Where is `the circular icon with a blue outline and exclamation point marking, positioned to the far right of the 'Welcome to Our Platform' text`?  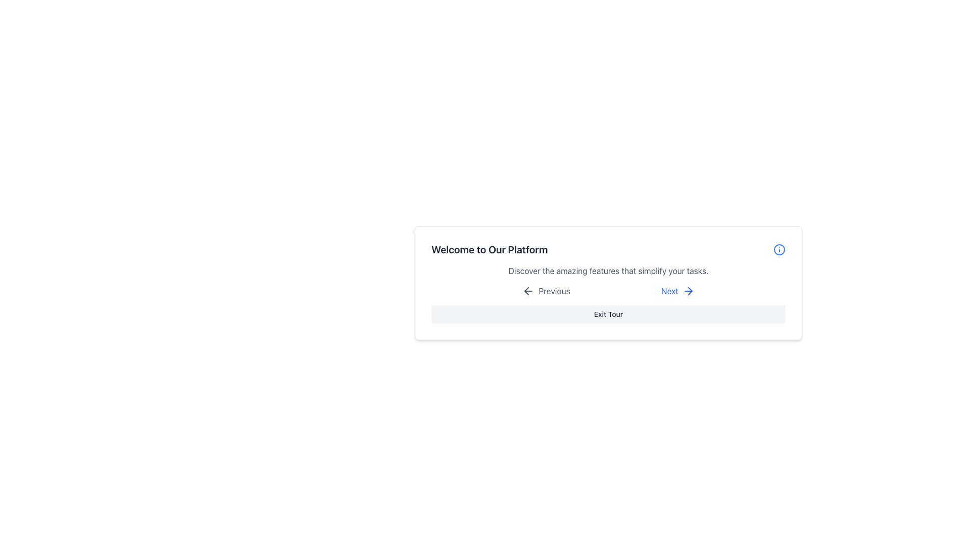 the circular icon with a blue outline and exclamation point marking, positioned to the far right of the 'Welcome to Our Platform' text is located at coordinates (779, 249).